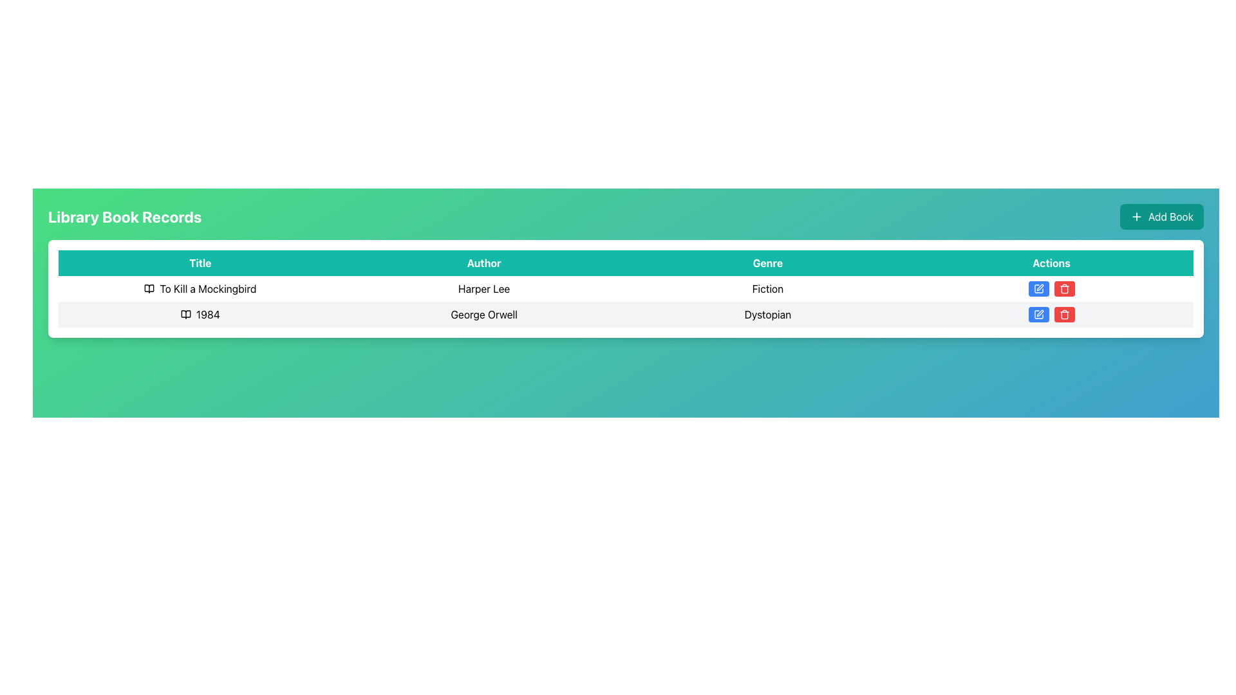 This screenshot has height=695, width=1236. Describe the element at coordinates (185, 315) in the screenshot. I see `the open book icon located to the left of the text '1984' in the 'Title' column` at that location.